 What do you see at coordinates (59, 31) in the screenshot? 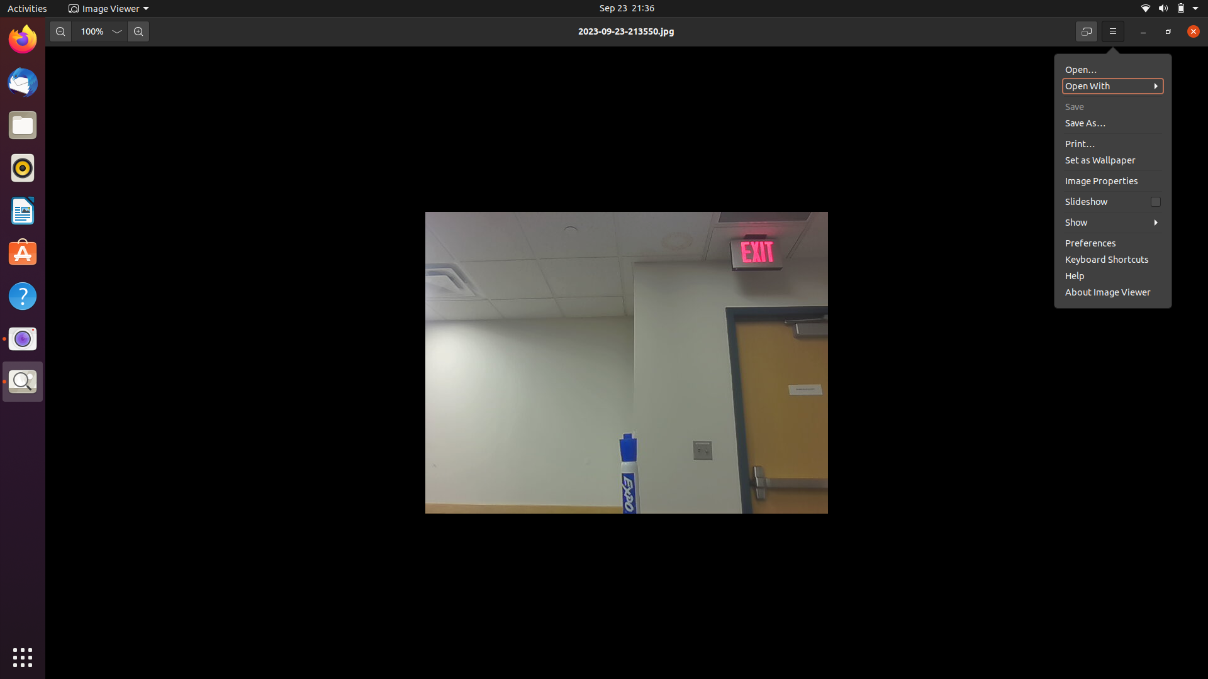
I see `Perform a single zoom out operation on the image` at bounding box center [59, 31].